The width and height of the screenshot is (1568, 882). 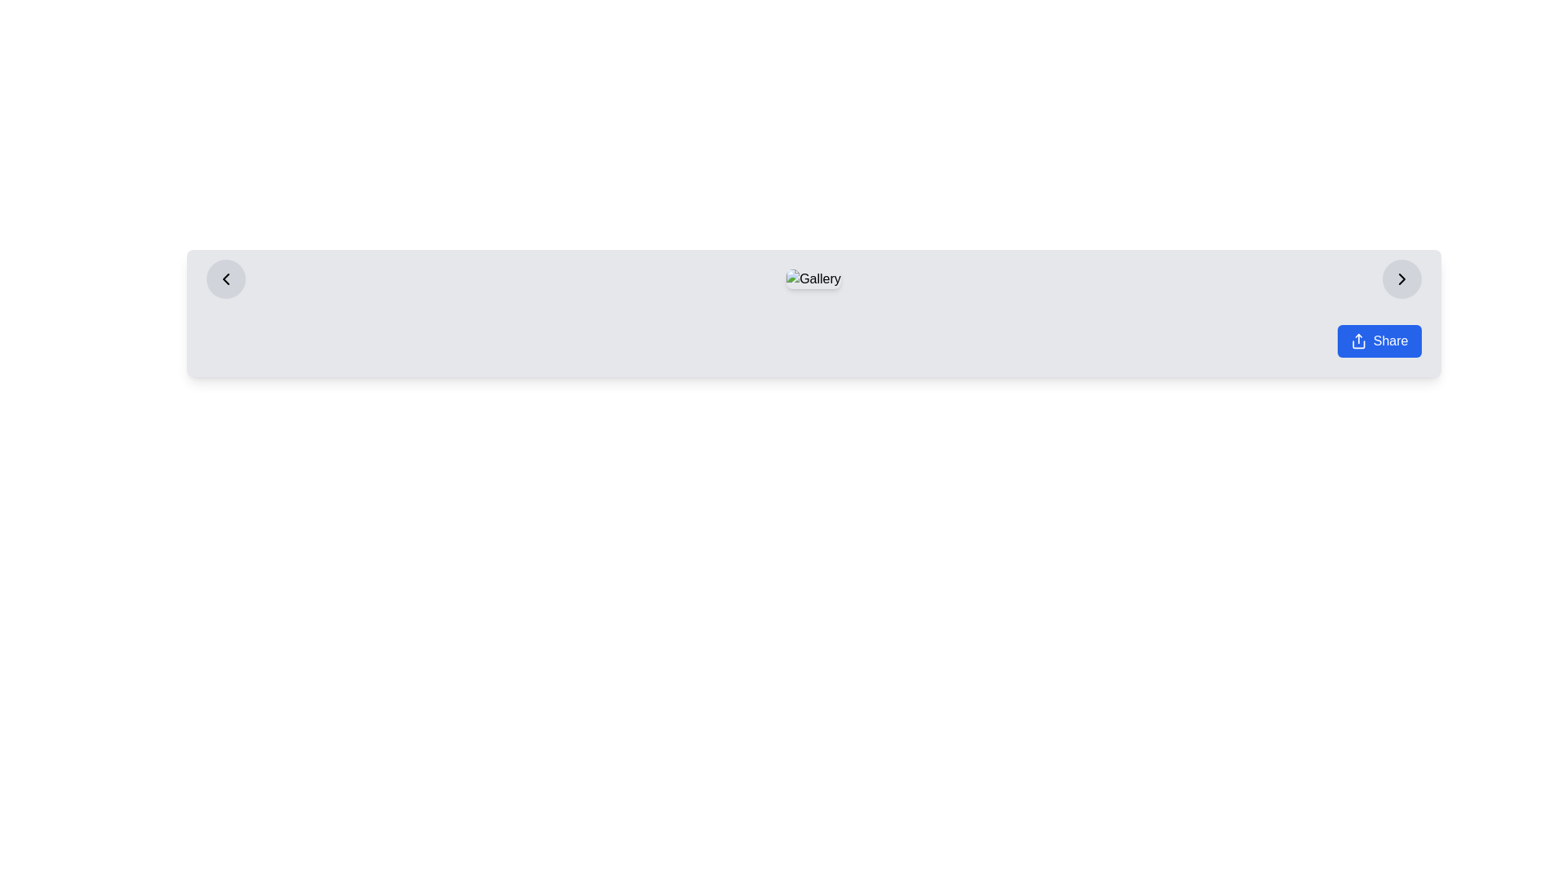 I want to click on the central chevron icon within the circular button located at the top-right corner of the interface, so click(x=1401, y=278).